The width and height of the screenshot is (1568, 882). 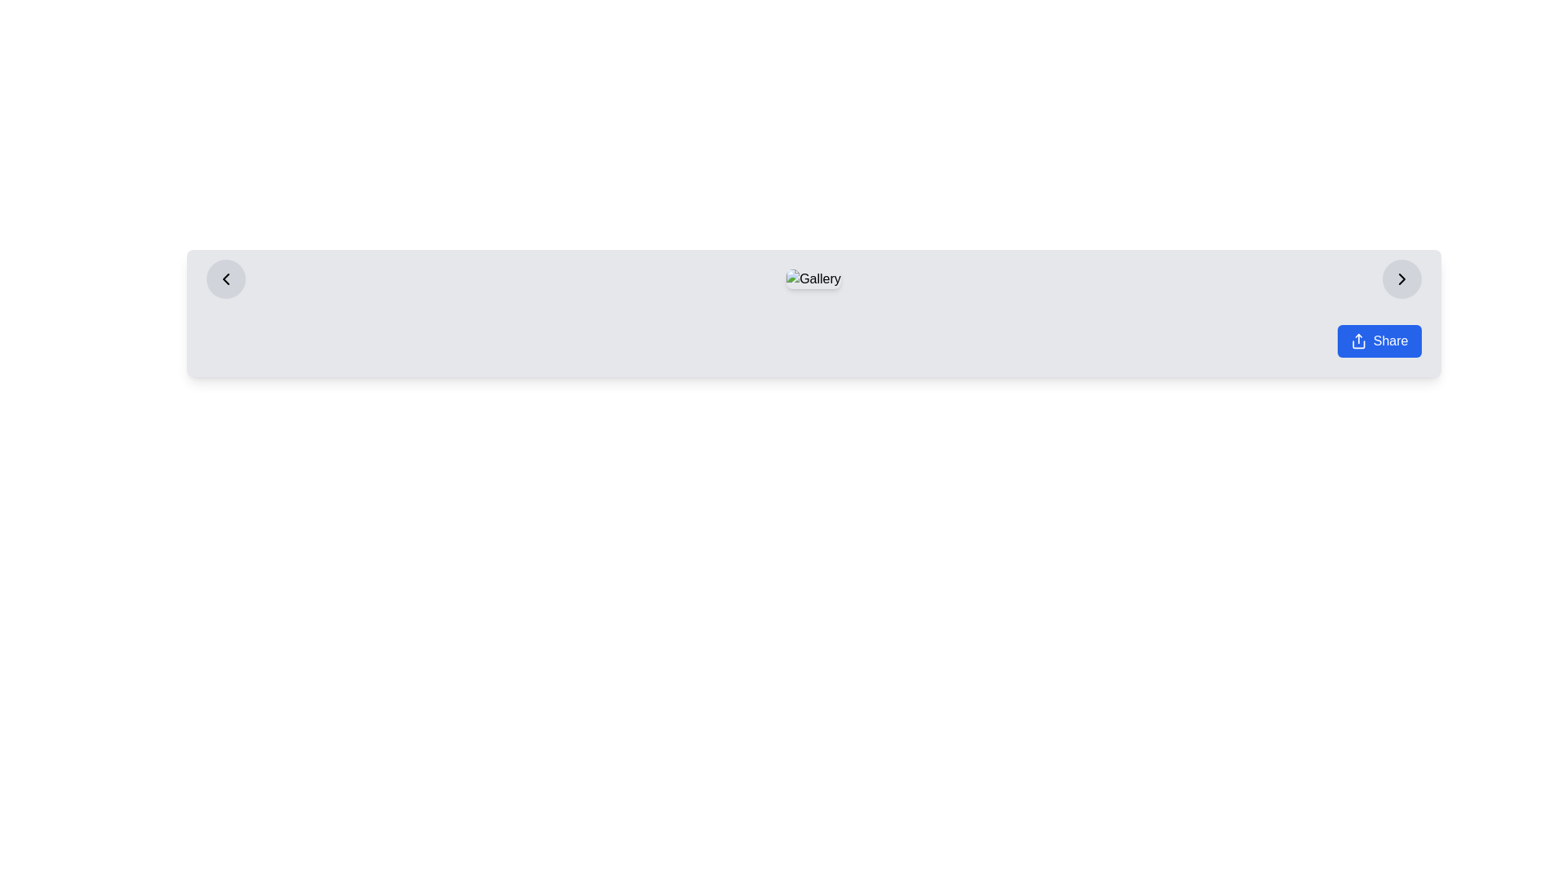 I want to click on the central chevron icon within the circular button located at the top-right corner of the interface, so click(x=1401, y=278).